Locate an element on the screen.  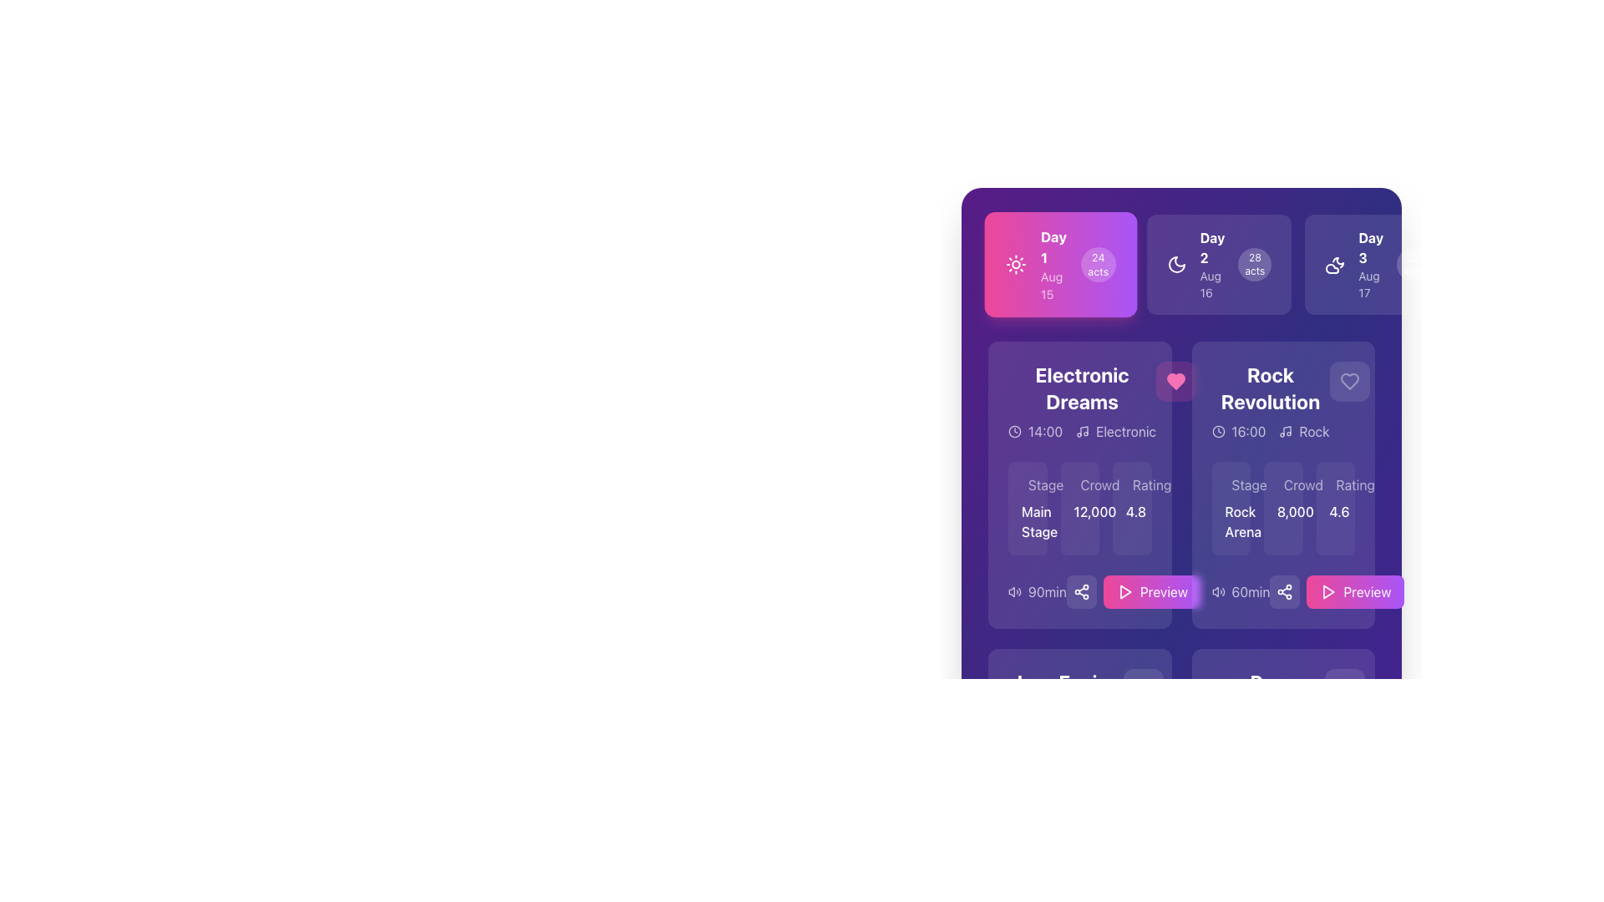
the text element labeled 'Rock Revolution' located in the 'Stage' row, directly below the 'Stage' text is located at coordinates (1231, 520).